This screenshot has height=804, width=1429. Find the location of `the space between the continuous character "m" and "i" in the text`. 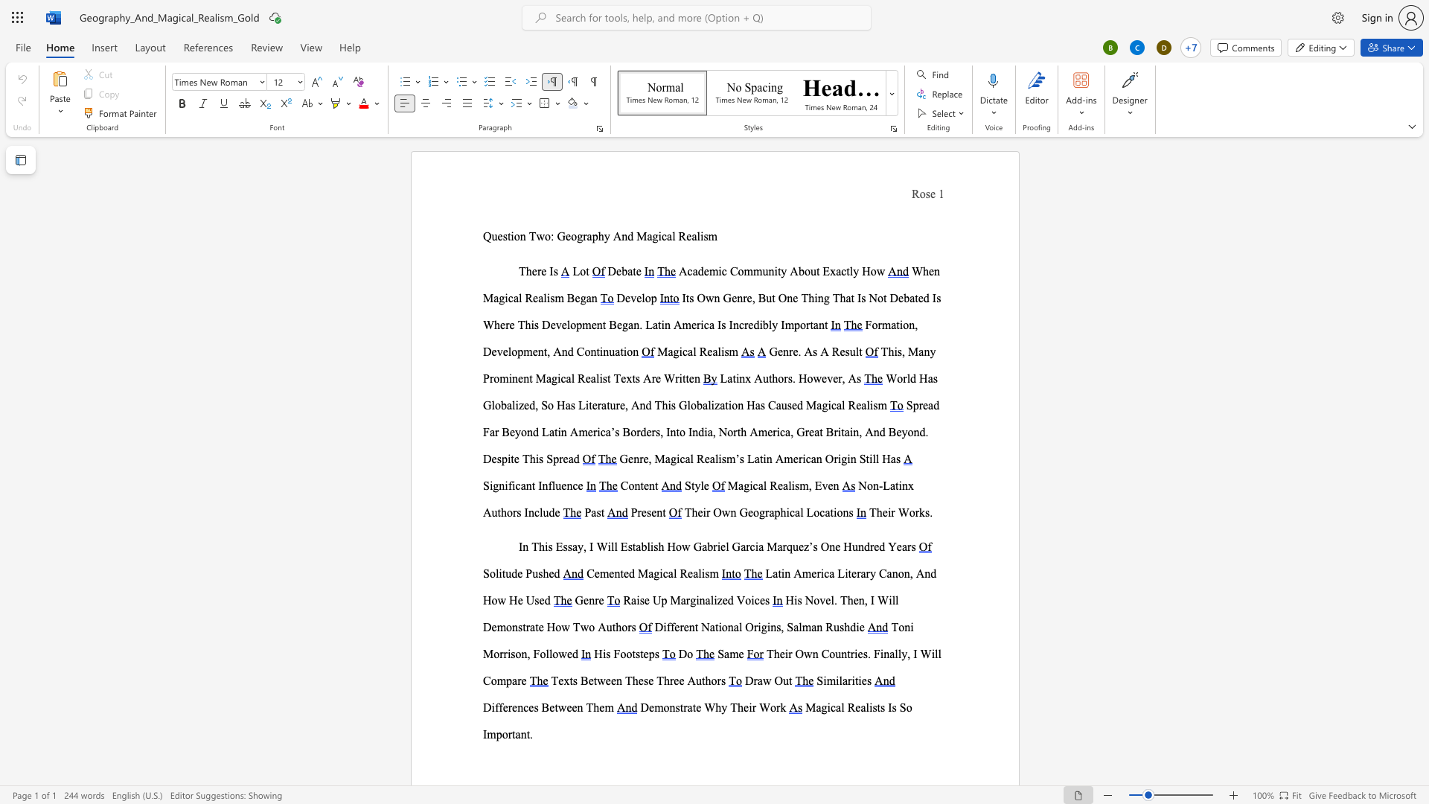

the space between the continuous character "m" and "i" in the text is located at coordinates (717, 271).